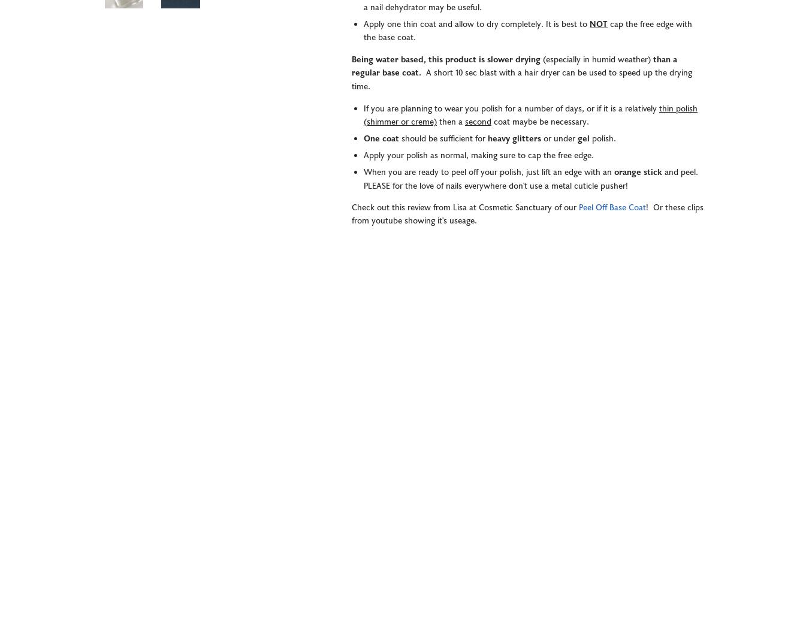 The height and width of the screenshot is (632, 809). What do you see at coordinates (479, 155) in the screenshot?
I see `'Apply your polish as normal, making sure to cap the free edge.'` at bounding box center [479, 155].